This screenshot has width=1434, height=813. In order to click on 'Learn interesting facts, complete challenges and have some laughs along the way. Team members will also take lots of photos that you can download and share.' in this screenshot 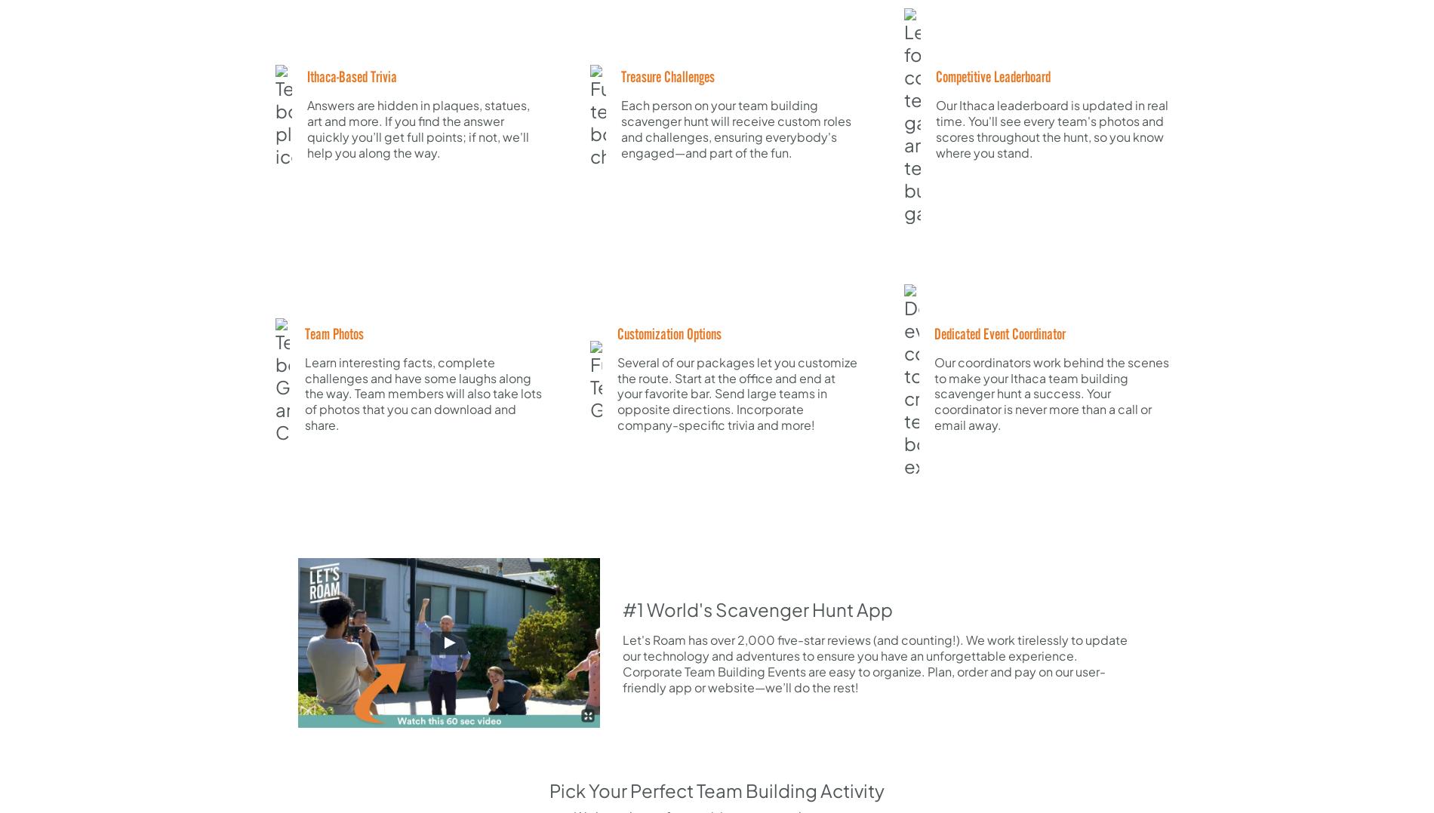, I will do `click(423, 392)`.